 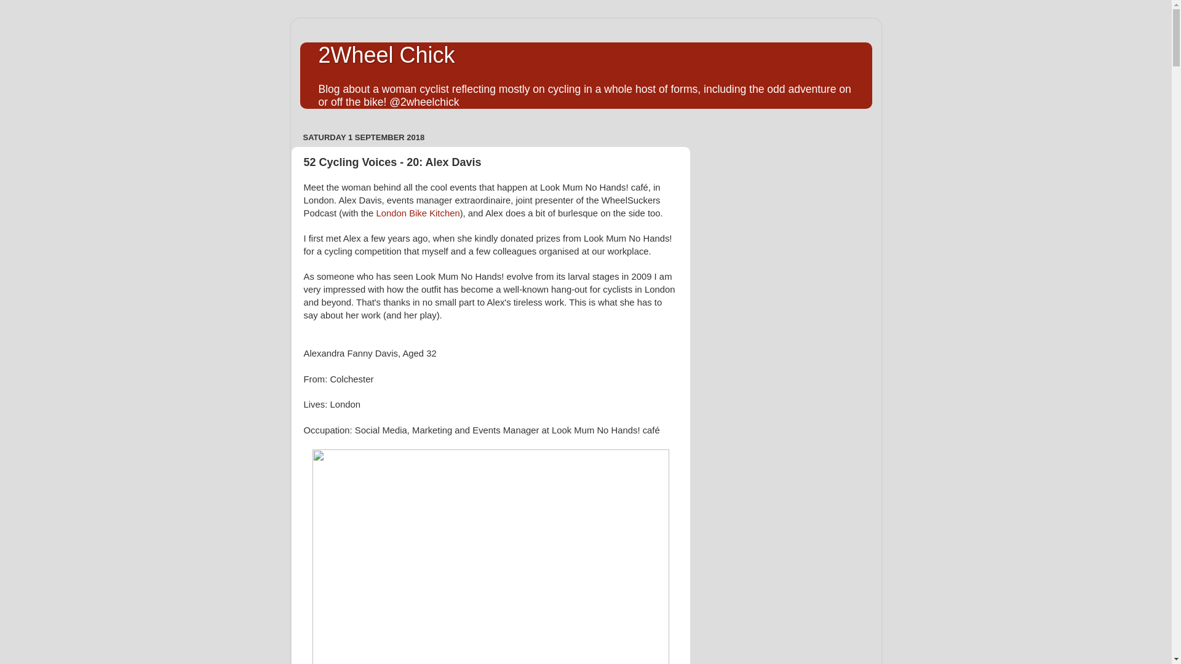 What do you see at coordinates (375, 213) in the screenshot?
I see `'London Bike Kitchen'` at bounding box center [375, 213].